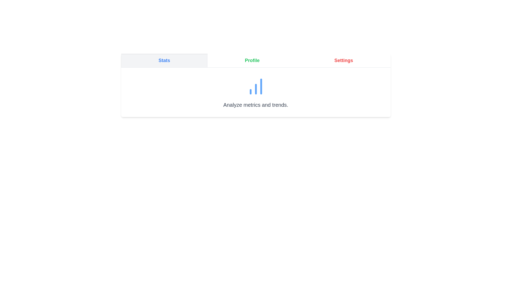 The width and height of the screenshot is (505, 284). I want to click on the 'Settings' navigation tab located at the top right of the navigation bar, so click(344, 60).